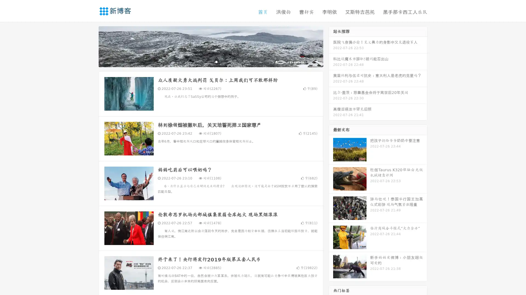 This screenshot has width=526, height=295. Describe the element at coordinates (205, 61) in the screenshot. I see `Go to slide 1` at that location.